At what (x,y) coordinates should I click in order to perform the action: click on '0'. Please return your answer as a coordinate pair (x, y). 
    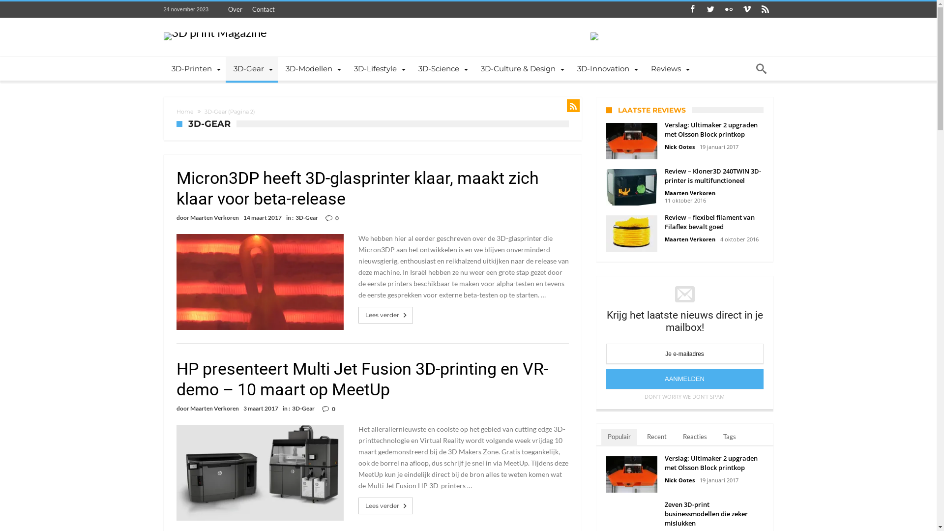
    Looking at the image, I should click on (335, 217).